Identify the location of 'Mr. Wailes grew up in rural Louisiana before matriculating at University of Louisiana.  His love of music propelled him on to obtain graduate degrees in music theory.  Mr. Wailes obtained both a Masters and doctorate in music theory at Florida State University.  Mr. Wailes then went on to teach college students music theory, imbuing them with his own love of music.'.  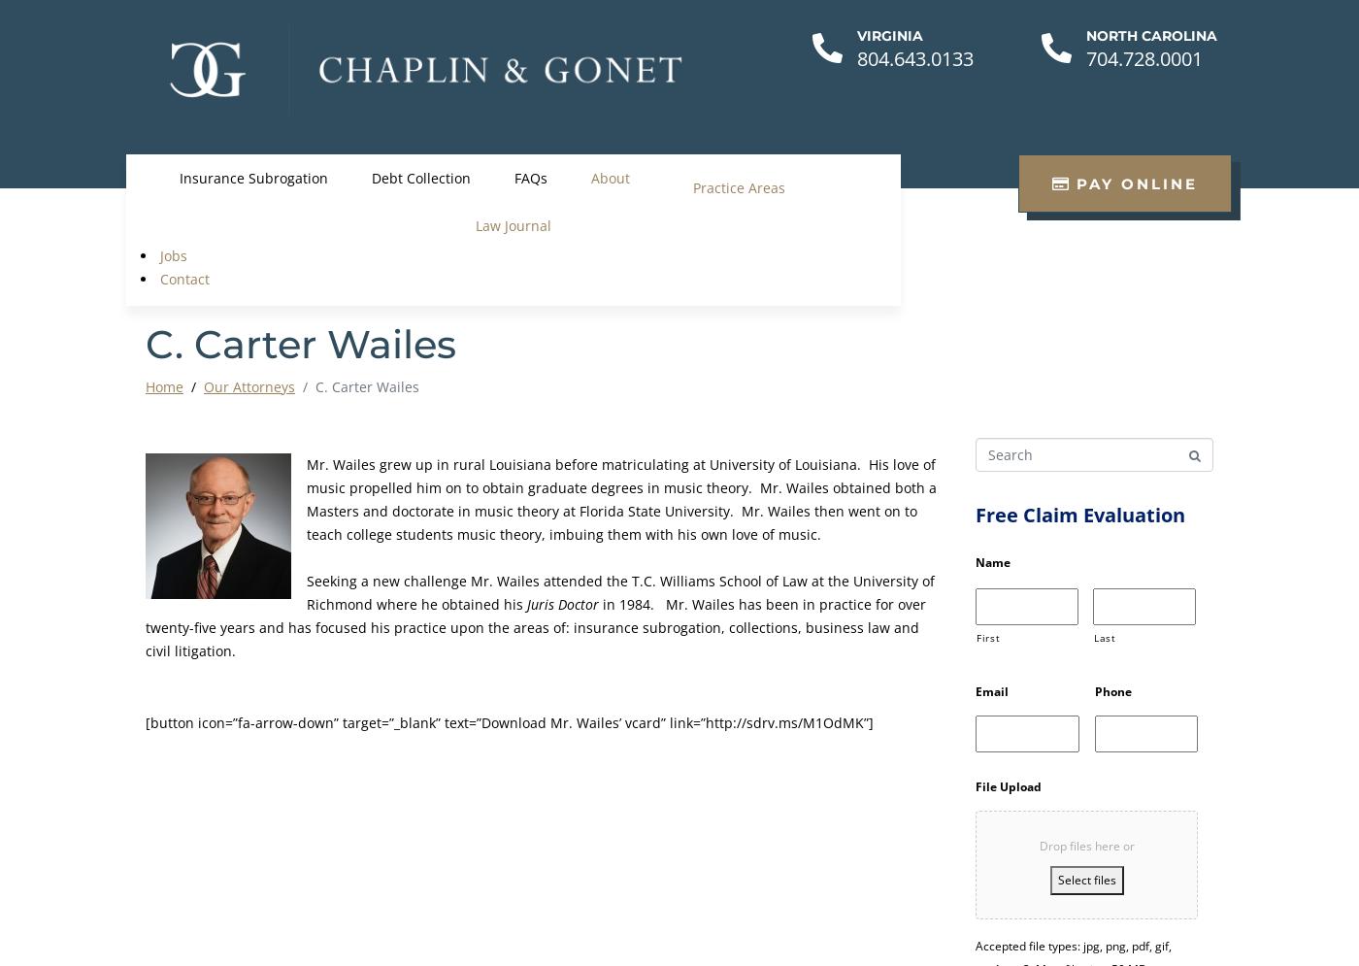
(621, 498).